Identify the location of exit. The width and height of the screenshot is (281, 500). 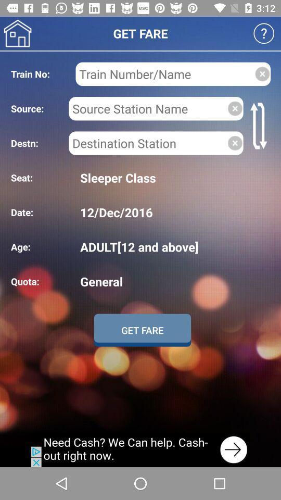
(262, 73).